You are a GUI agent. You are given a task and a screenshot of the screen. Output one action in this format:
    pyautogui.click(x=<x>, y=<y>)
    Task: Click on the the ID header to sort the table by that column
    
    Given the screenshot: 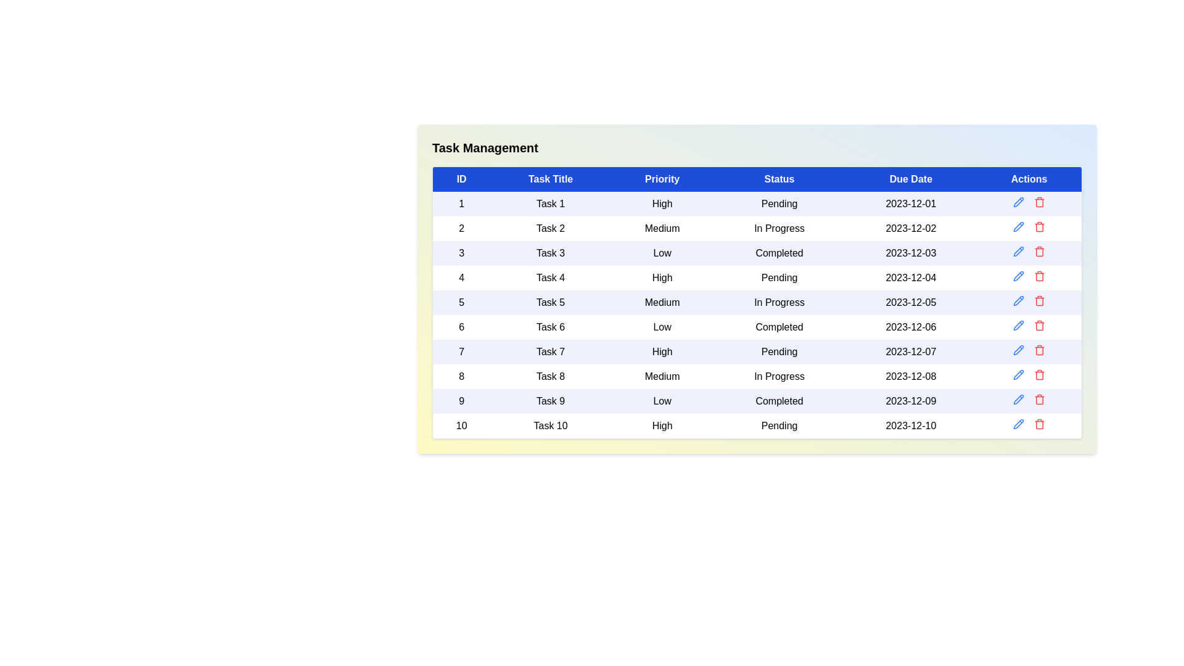 What is the action you would take?
    pyautogui.click(x=461, y=179)
    